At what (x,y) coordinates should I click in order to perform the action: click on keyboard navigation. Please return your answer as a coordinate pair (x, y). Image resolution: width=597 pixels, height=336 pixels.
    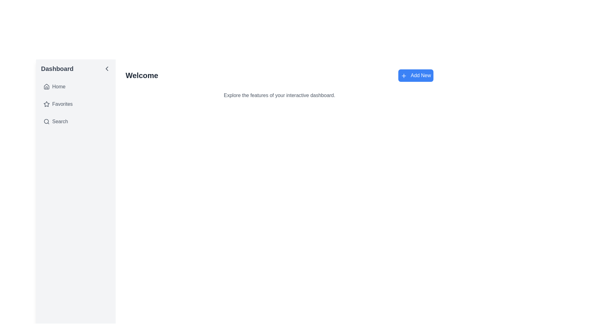
    Looking at the image, I should click on (416, 75).